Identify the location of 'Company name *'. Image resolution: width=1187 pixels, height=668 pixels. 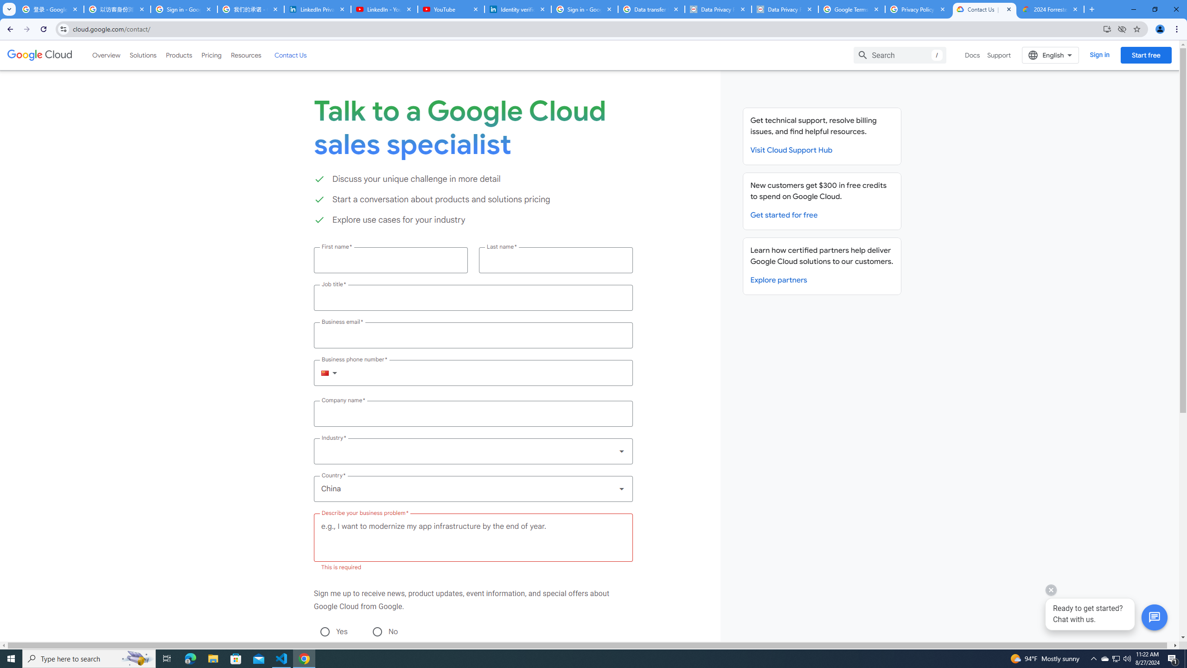
(472, 414).